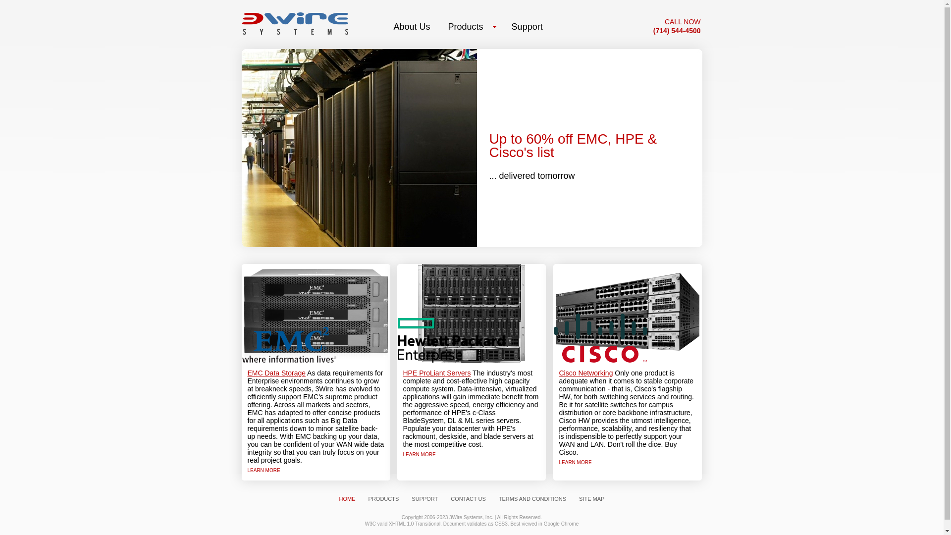 The image size is (951, 535). I want to click on 'SUPPORT', so click(424, 498).